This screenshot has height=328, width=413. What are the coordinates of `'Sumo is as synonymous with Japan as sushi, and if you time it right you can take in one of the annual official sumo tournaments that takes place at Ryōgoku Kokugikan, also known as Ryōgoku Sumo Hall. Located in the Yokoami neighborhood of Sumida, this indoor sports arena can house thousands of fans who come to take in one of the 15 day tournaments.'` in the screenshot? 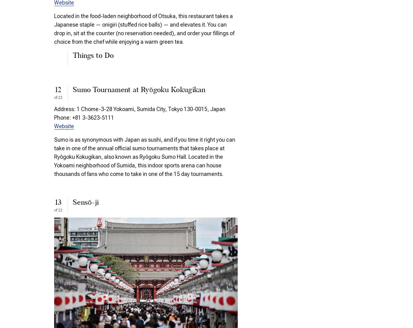 It's located at (54, 157).